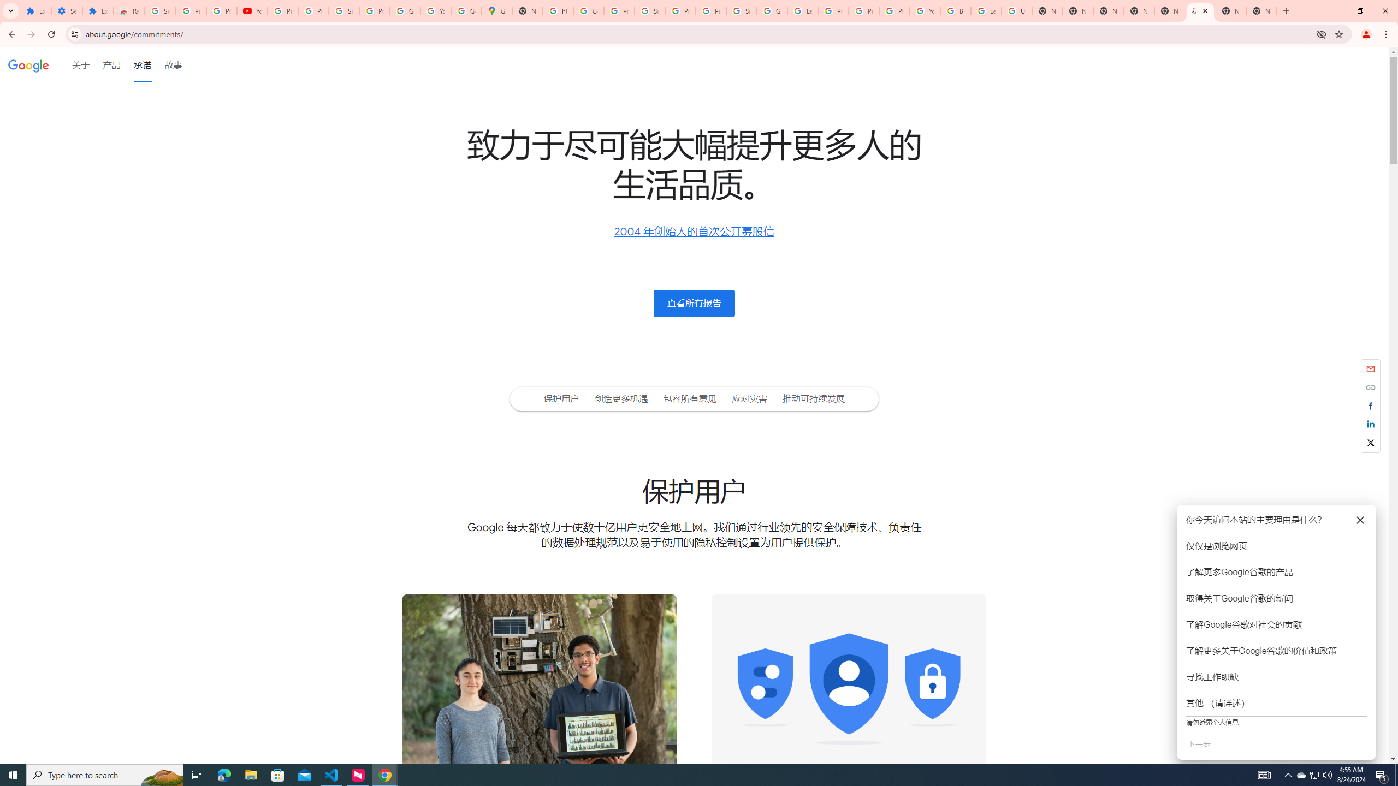  Describe the element at coordinates (955, 10) in the screenshot. I see `'Browse Chrome as a guest - Computer - Google Chrome Help'` at that location.